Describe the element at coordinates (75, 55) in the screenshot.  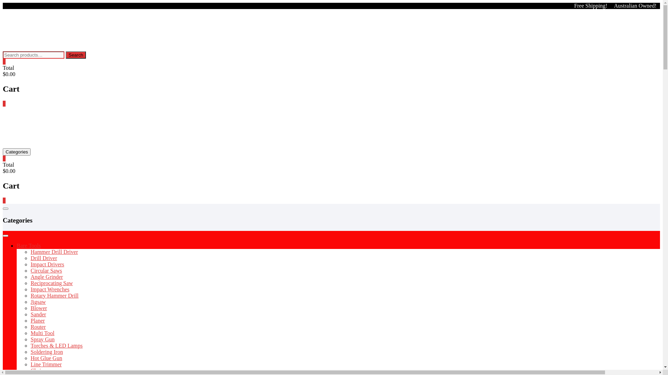
I see `'Search'` at that location.